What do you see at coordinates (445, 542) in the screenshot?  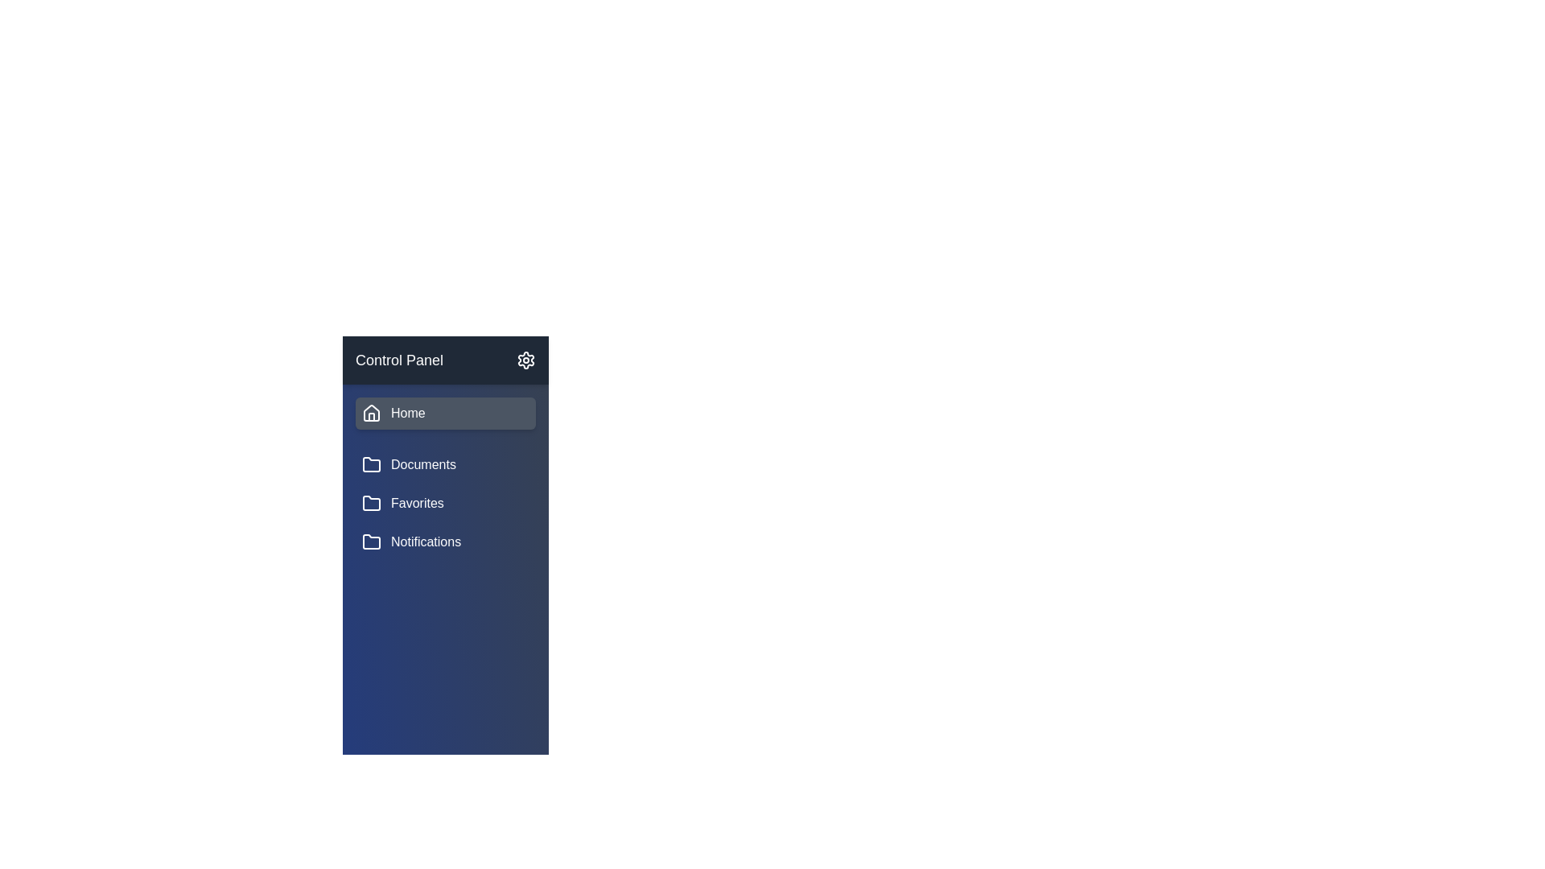 I see `the sidebar item corresponding to Notifications to navigate to that section` at bounding box center [445, 542].